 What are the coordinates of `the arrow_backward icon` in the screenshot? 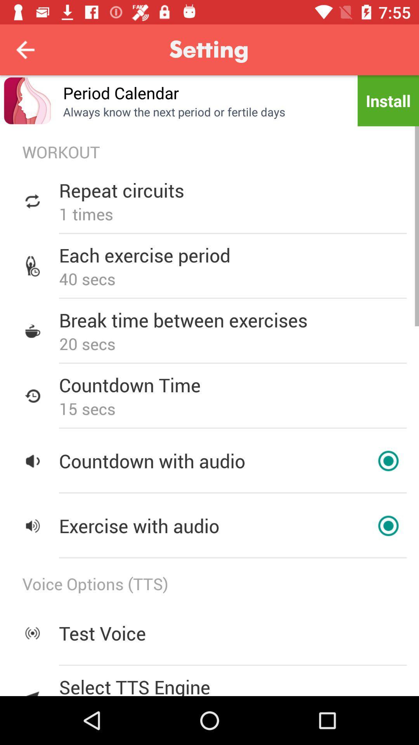 It's located at (25, 49).